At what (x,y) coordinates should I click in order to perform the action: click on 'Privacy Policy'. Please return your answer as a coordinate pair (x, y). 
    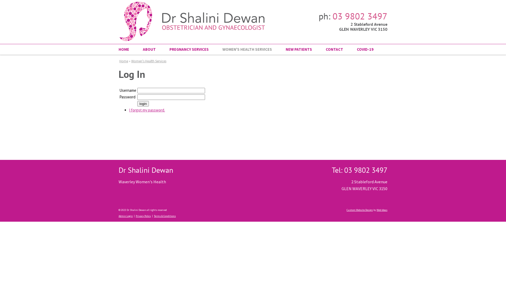
    Looking at the image, I should click on (135, 216).